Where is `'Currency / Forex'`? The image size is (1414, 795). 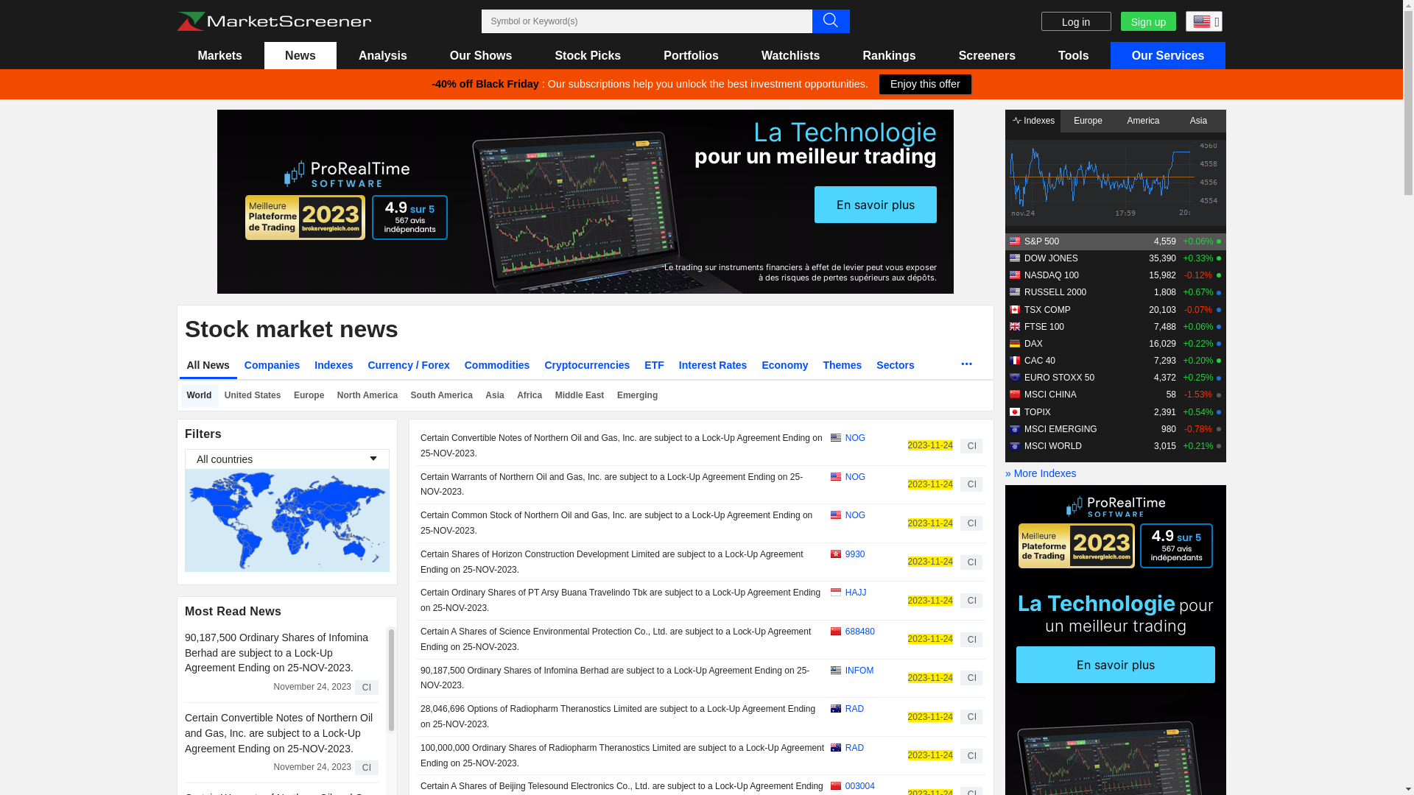
'Currency / Forex' is located at coordinates (408, 364).